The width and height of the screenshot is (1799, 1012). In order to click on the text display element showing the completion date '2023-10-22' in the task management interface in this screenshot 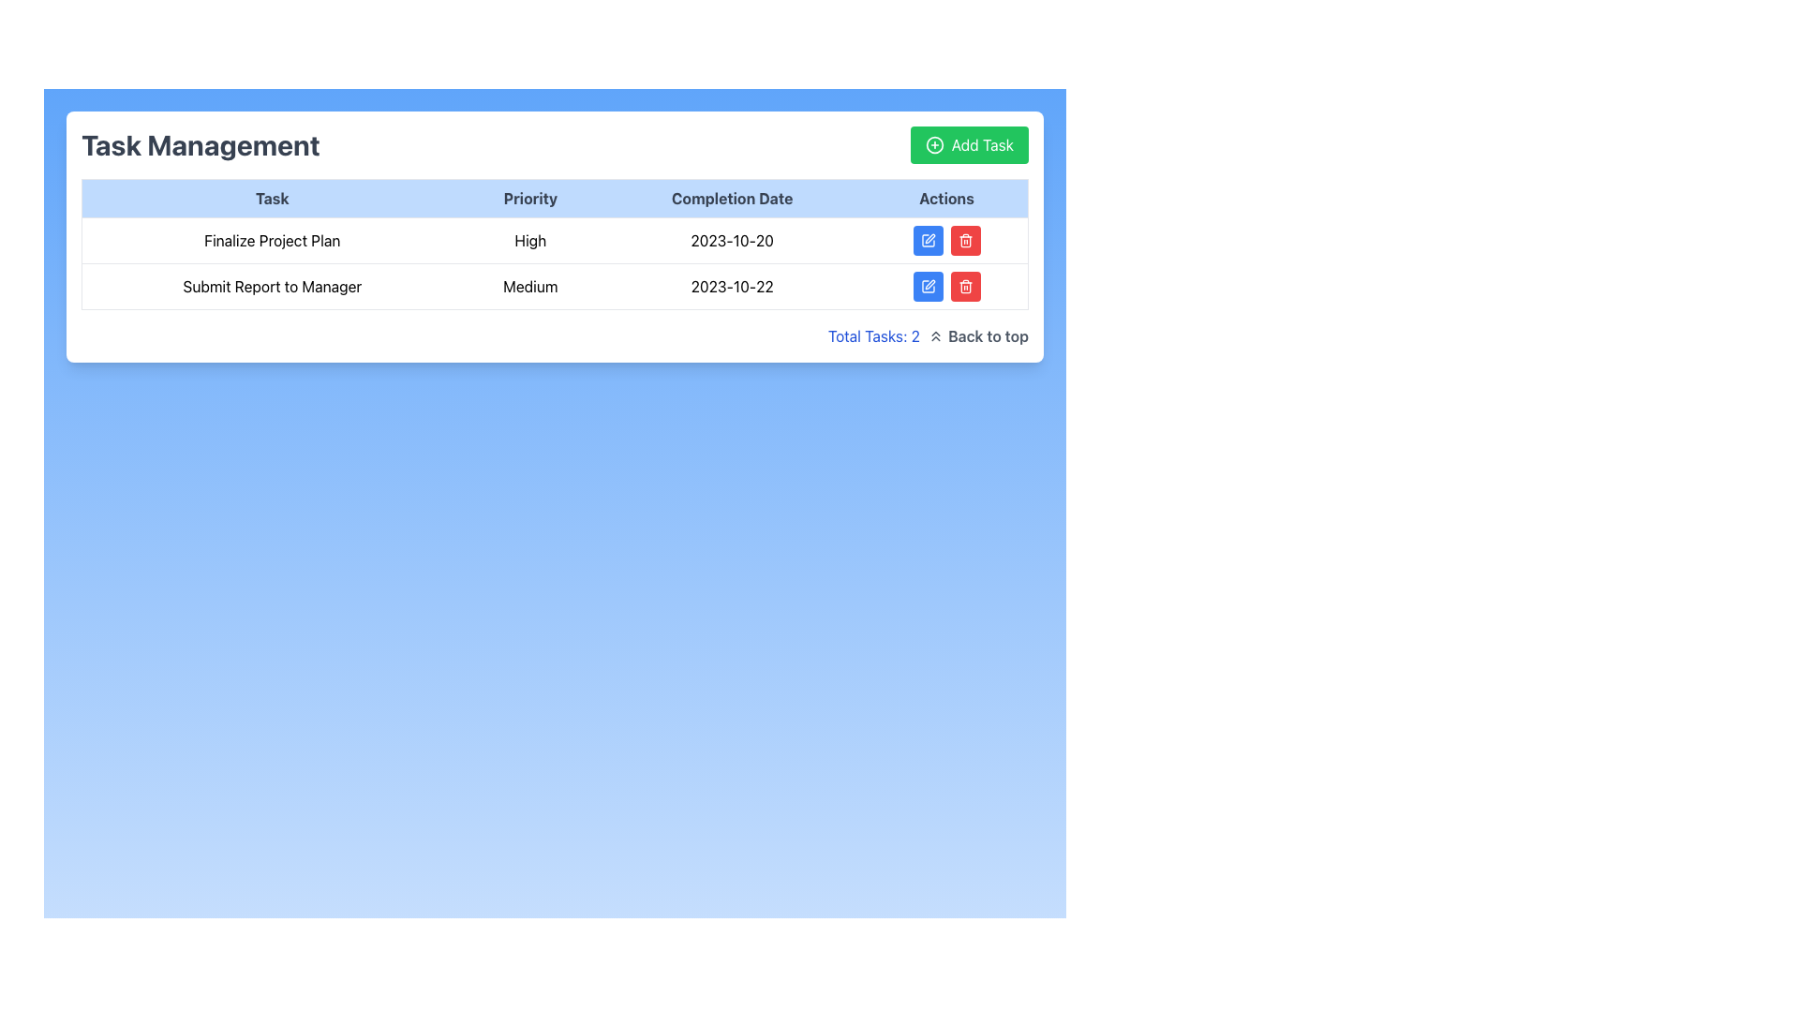, I will do `click(731, 286)`.